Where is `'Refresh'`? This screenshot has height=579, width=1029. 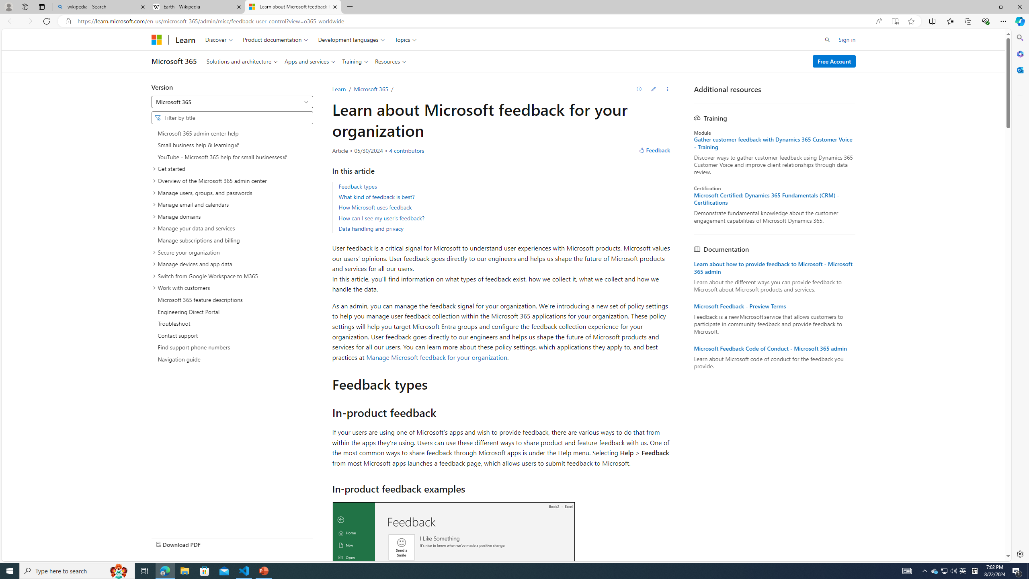
'Refresh' is located at coordinates (46, 21).